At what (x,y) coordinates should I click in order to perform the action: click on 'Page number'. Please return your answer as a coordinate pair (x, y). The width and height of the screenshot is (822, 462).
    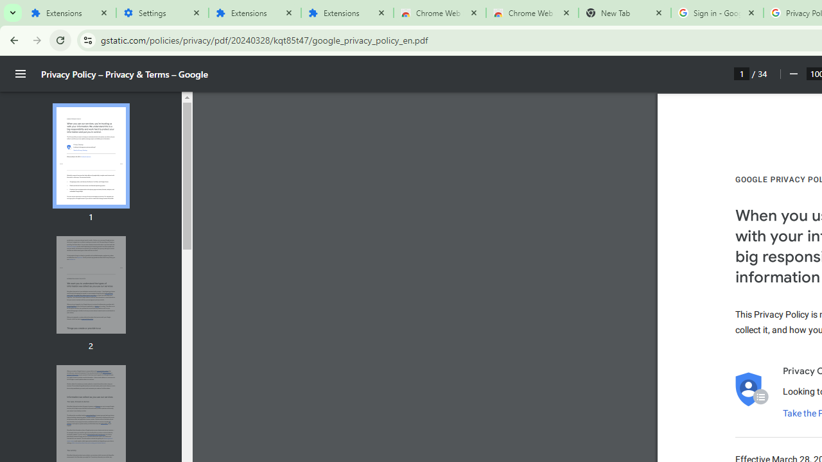
    Looking at the image, I should click on (742, 73).